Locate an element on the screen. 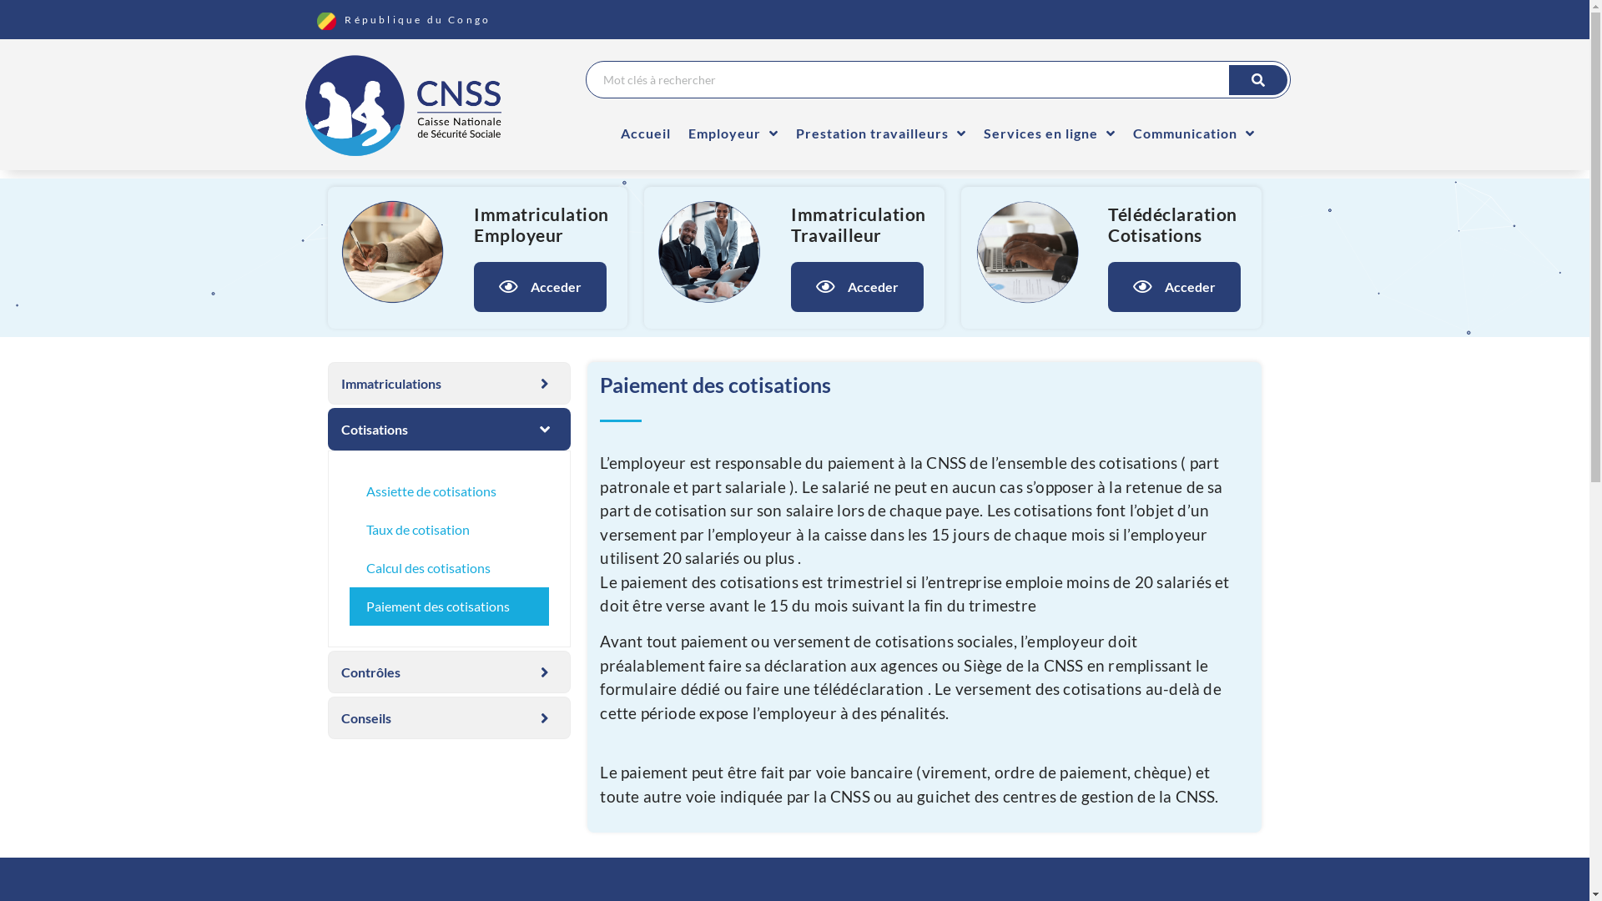 Image resolution: width=1602 pixels, height=901 pixels. 'Employeur' is located at coordinates (733, 132).